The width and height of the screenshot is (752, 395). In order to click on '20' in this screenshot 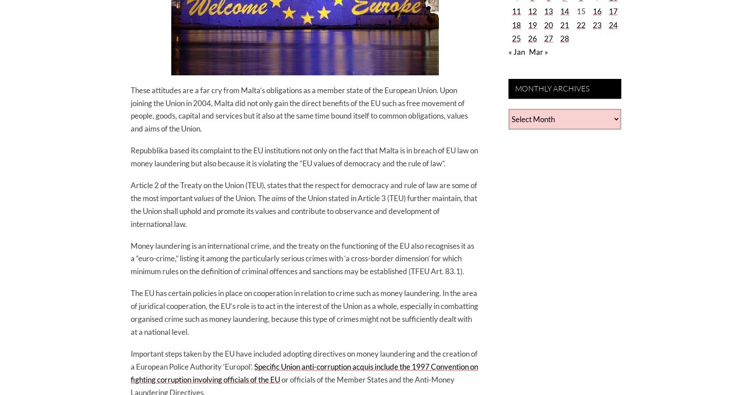, I will do `click(548, 24)`.